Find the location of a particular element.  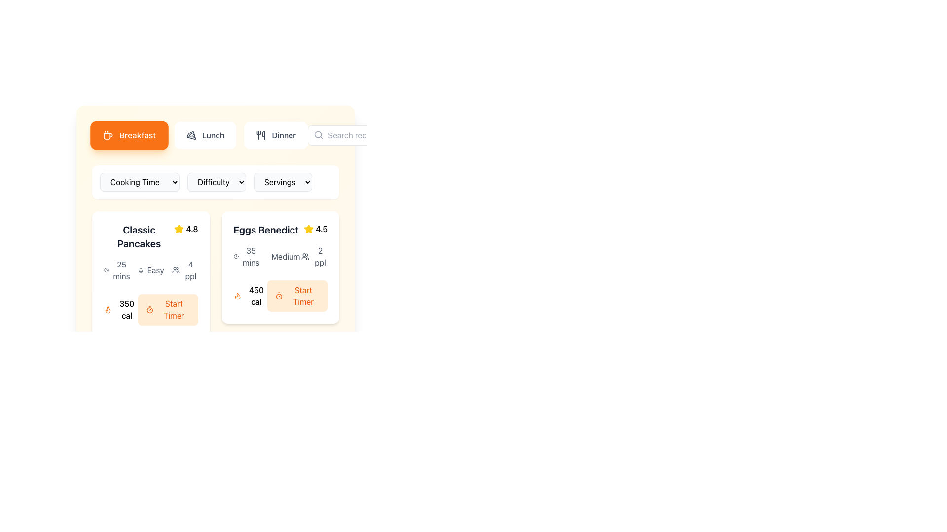

the difficulty level icon for the meal 'Eggs Benedict', which is located in the middle section of the UI, slightly above the text 'medium' is located at coordinates (273, 257).